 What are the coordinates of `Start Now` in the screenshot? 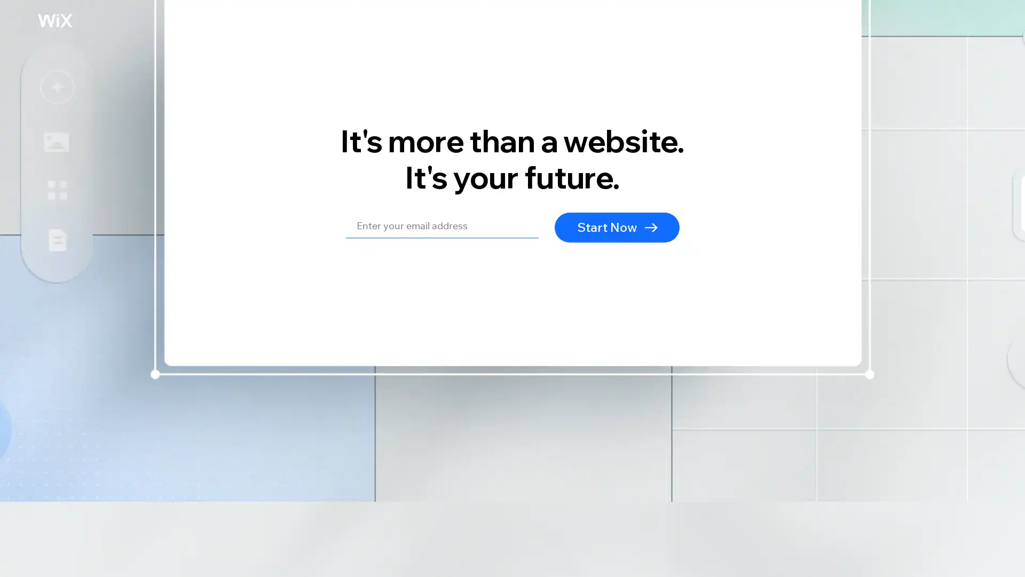 It's located at (617, 226).